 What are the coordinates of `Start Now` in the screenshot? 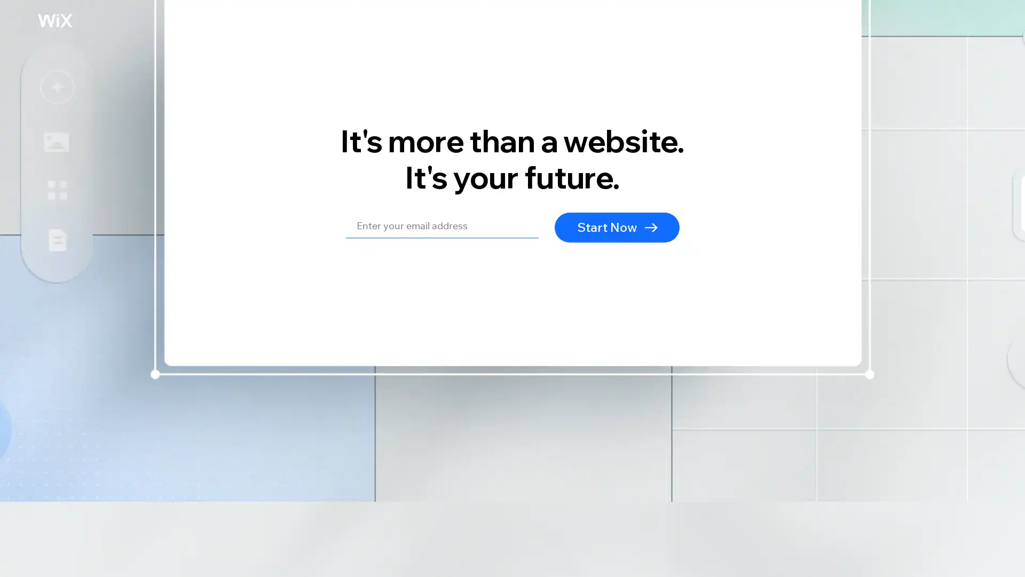 It's located at (617, 226).